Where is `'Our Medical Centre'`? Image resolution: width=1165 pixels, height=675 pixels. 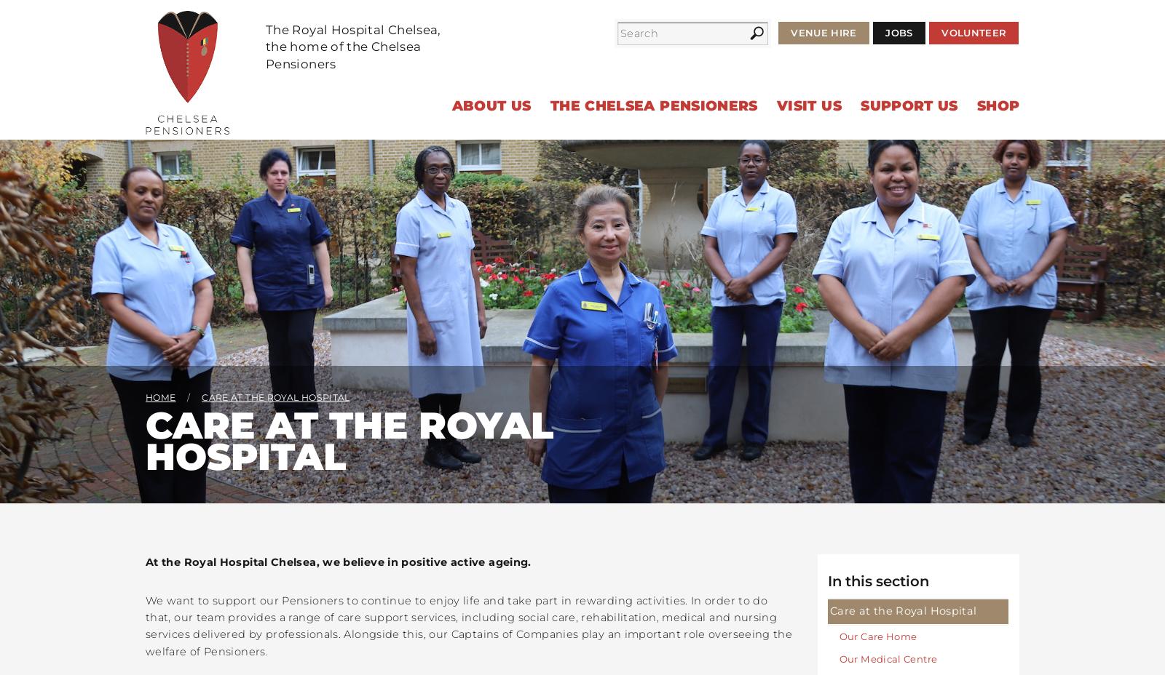
'Our Medical Centre' is located at coordinates (887, 658).